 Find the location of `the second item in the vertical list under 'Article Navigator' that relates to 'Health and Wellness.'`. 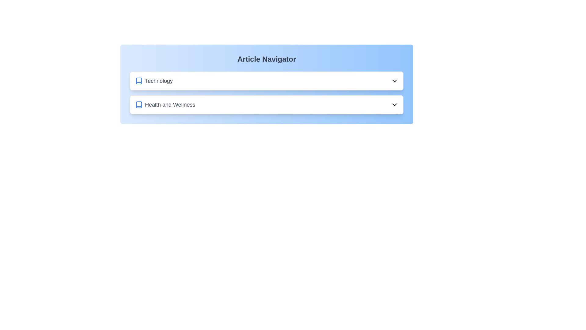

the second item in the vertical list under 'Article Navigator' that relates to 'Health and Wellness.' is located at coordinates (266, 105).